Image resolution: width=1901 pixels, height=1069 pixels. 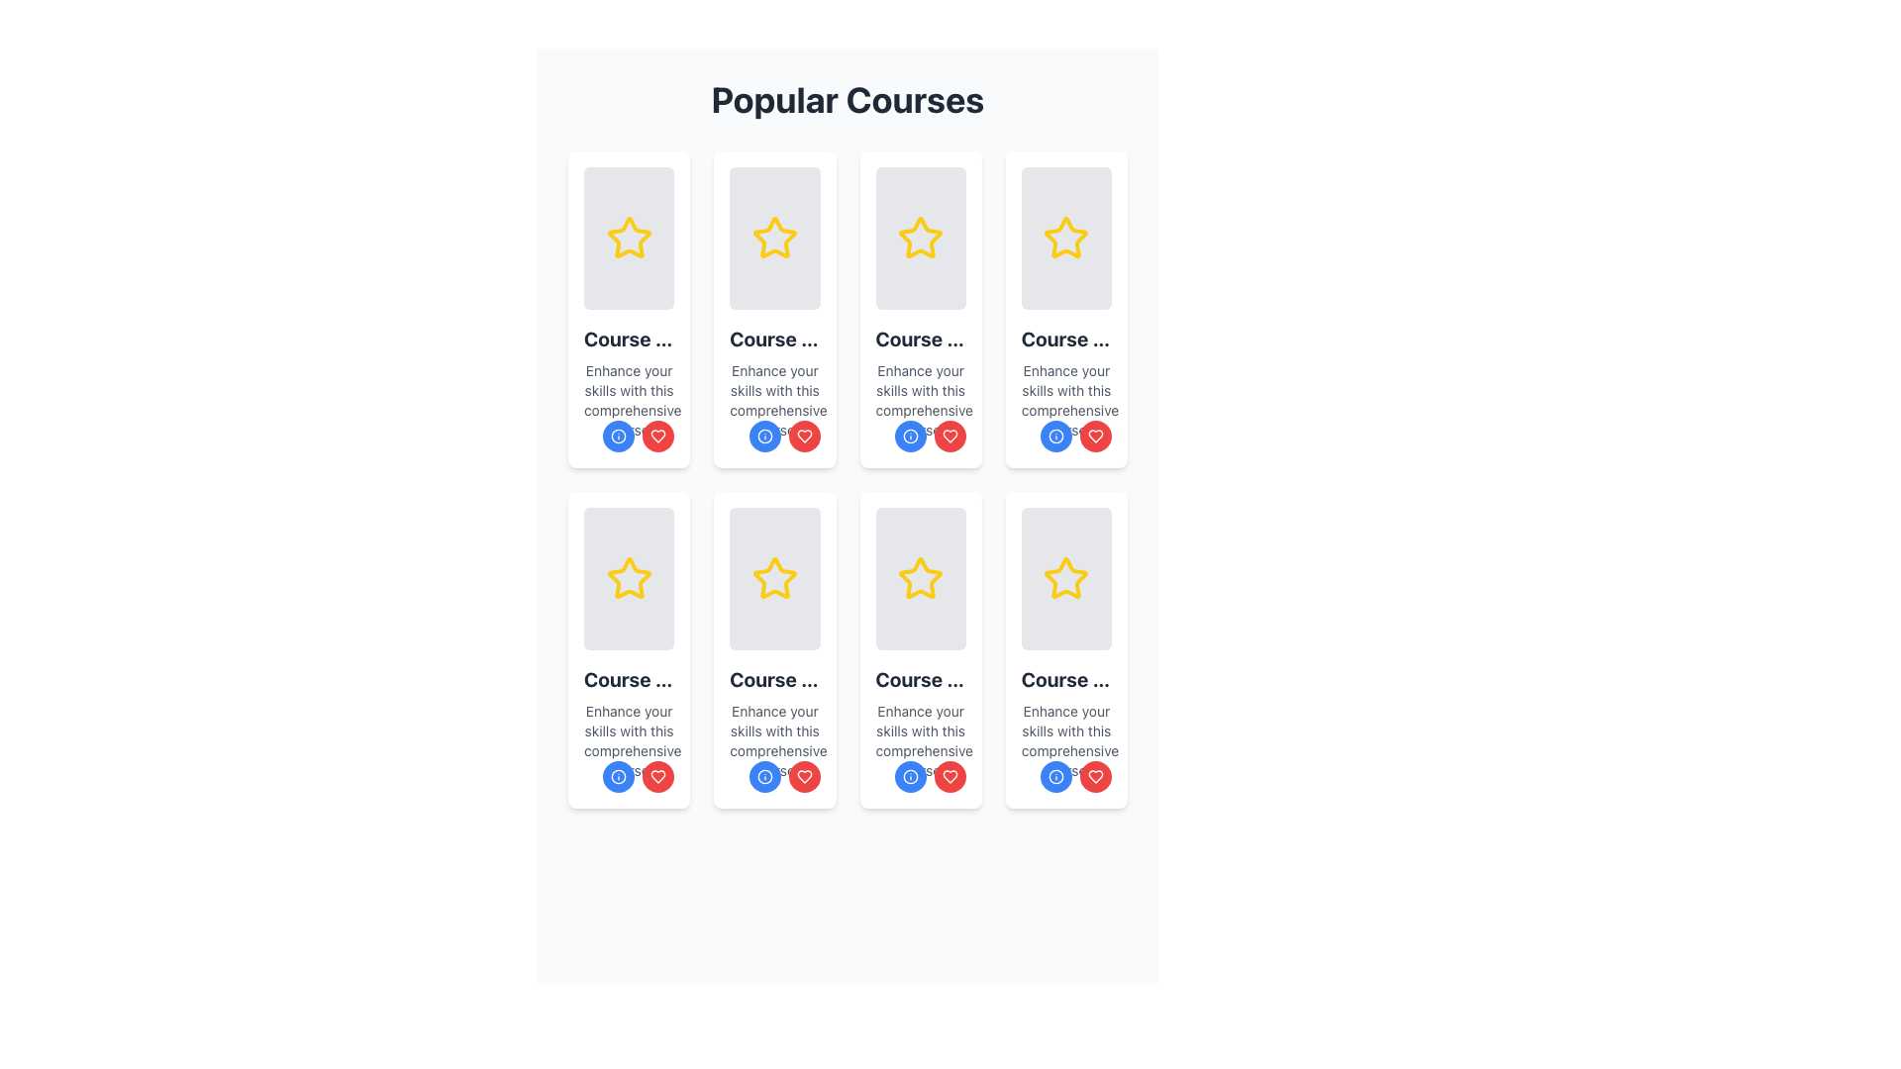 I want to click on the circular blue icon button with a white 'i' symbol, so click(x=909, y=435).